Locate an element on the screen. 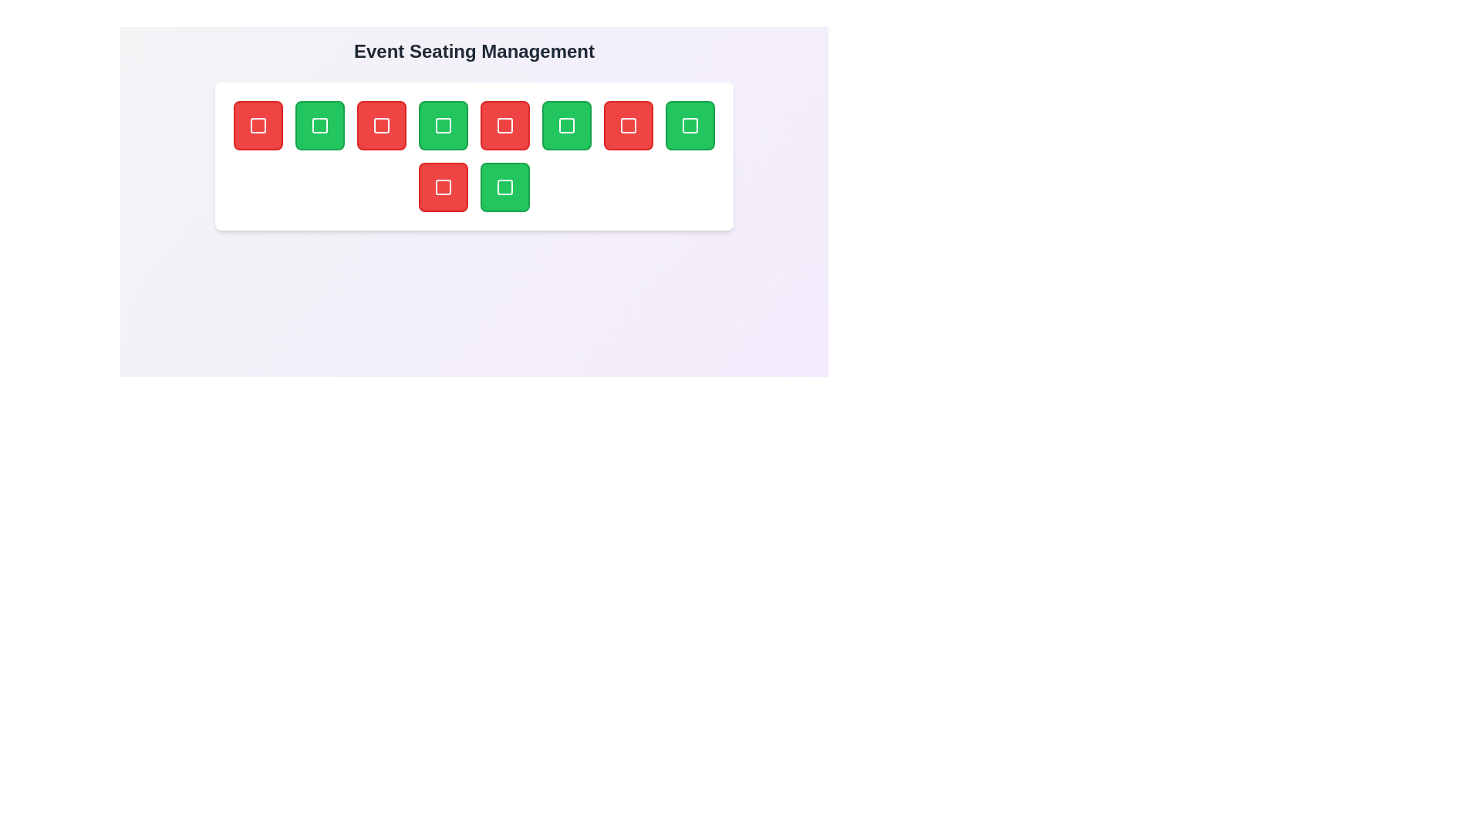  the rounded-square icon element is located at coordinates (629, 124).